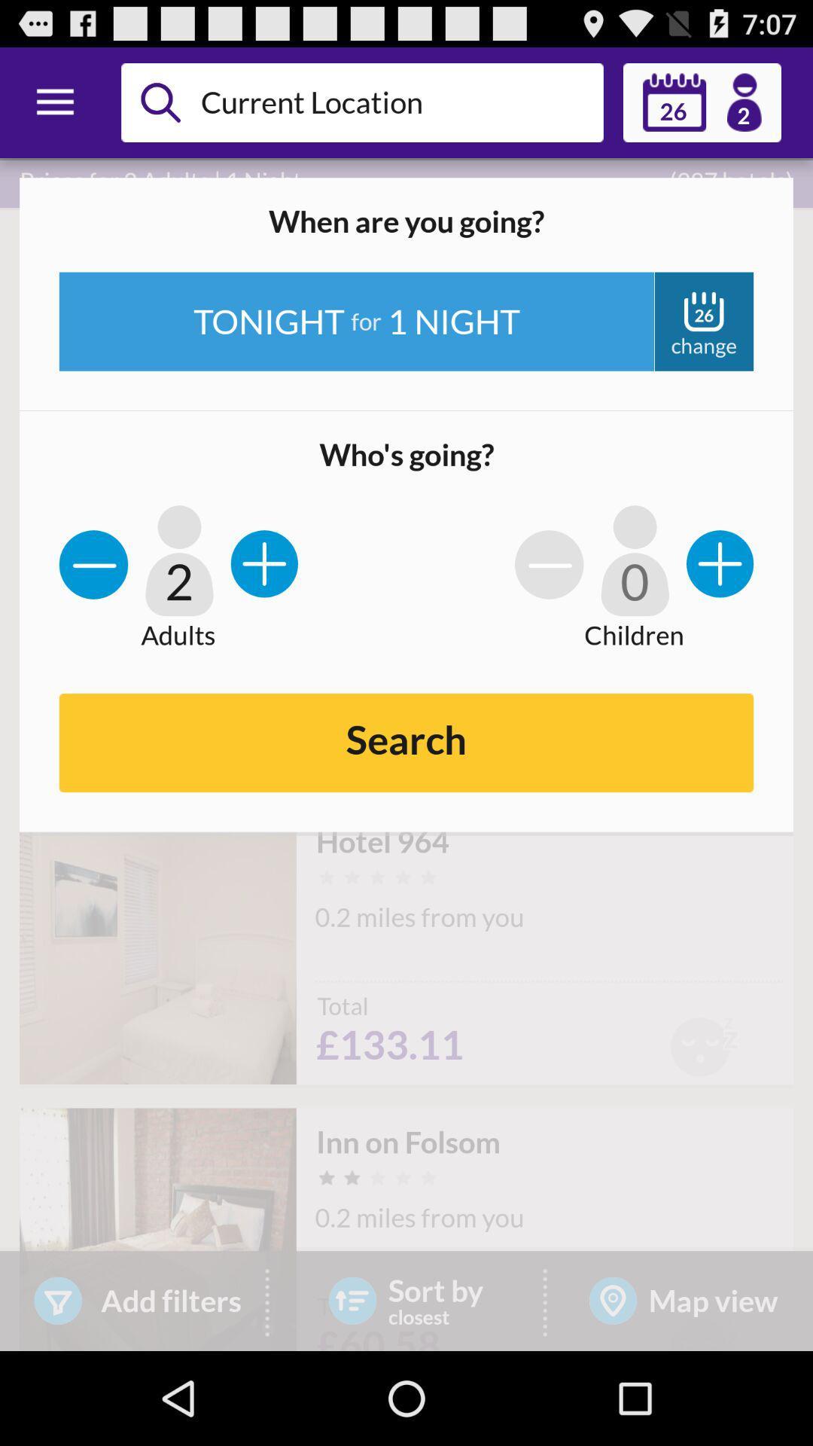 The height and width of the screenshot is (1446, 813). What do you see at coordinates (263, 588) in the screenshot?
I see `the add icon` at bounding box center [263, 588].